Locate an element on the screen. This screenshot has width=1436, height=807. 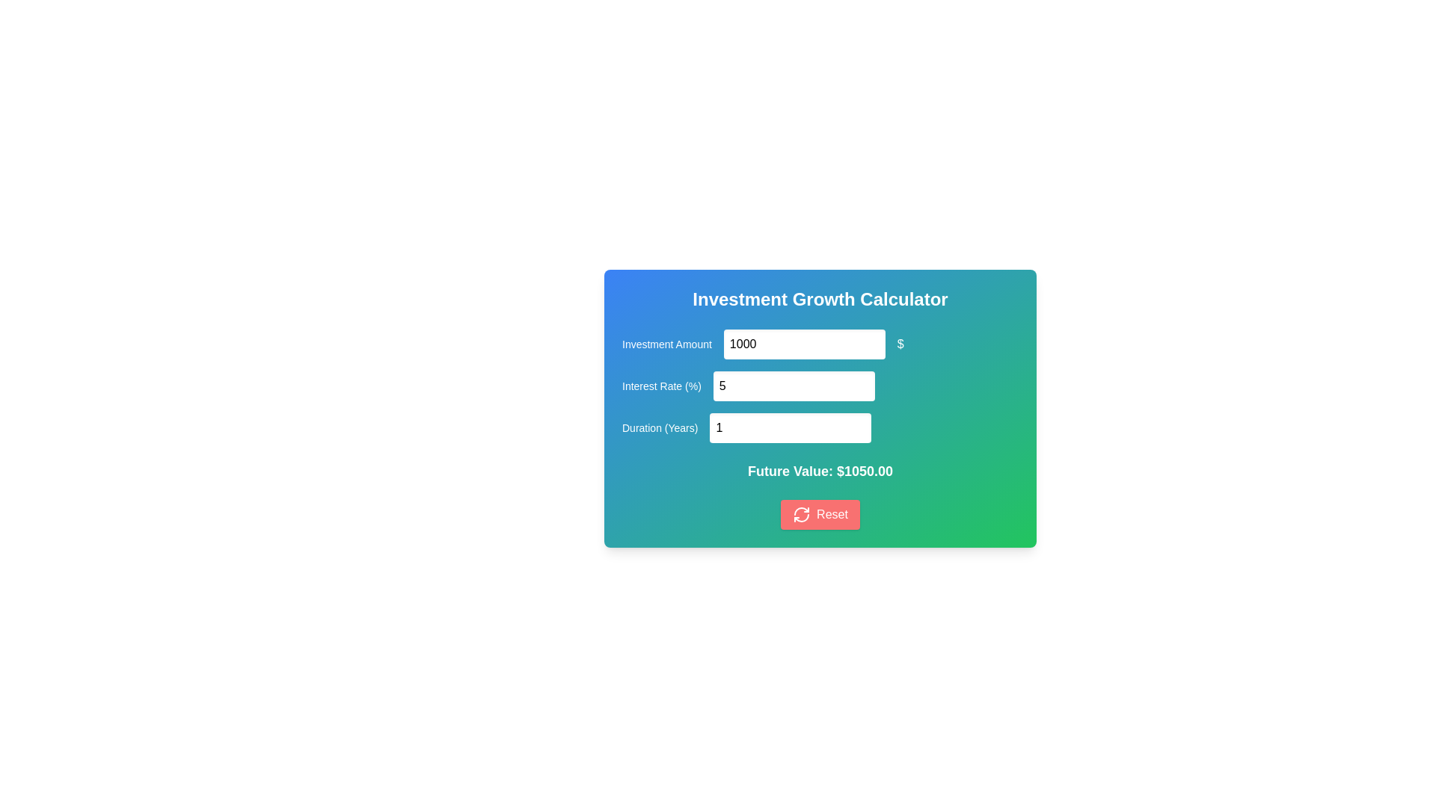
the investment amount input field to focus on it for user input is located at coordinates (820, 344).